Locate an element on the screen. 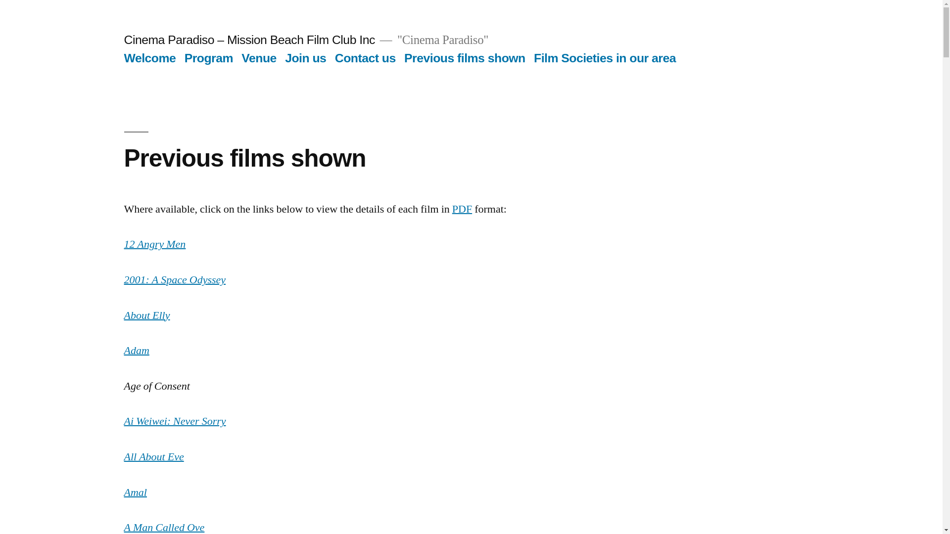 The width and height of the screenshot is (950, 534). 'Adam' is located at coordinates (136, 350).